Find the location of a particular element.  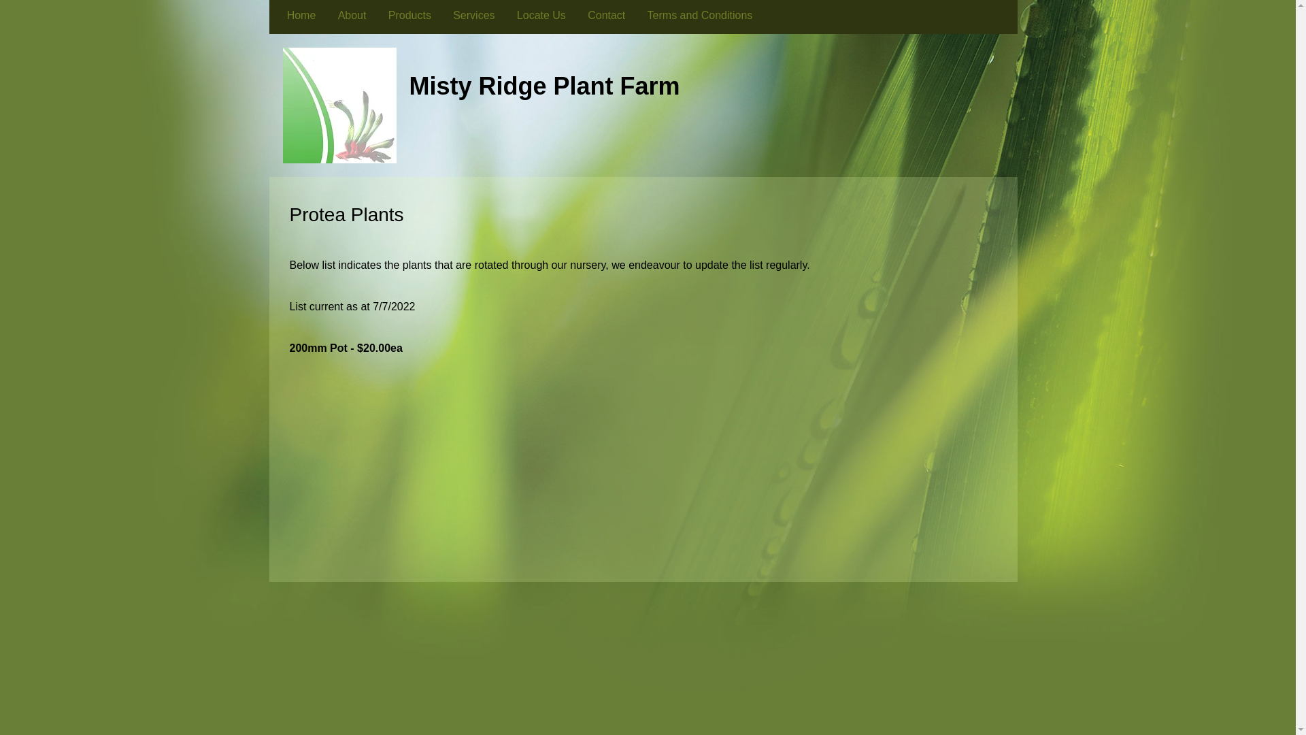

'Locate Us' is located at coordinates (541, 16).